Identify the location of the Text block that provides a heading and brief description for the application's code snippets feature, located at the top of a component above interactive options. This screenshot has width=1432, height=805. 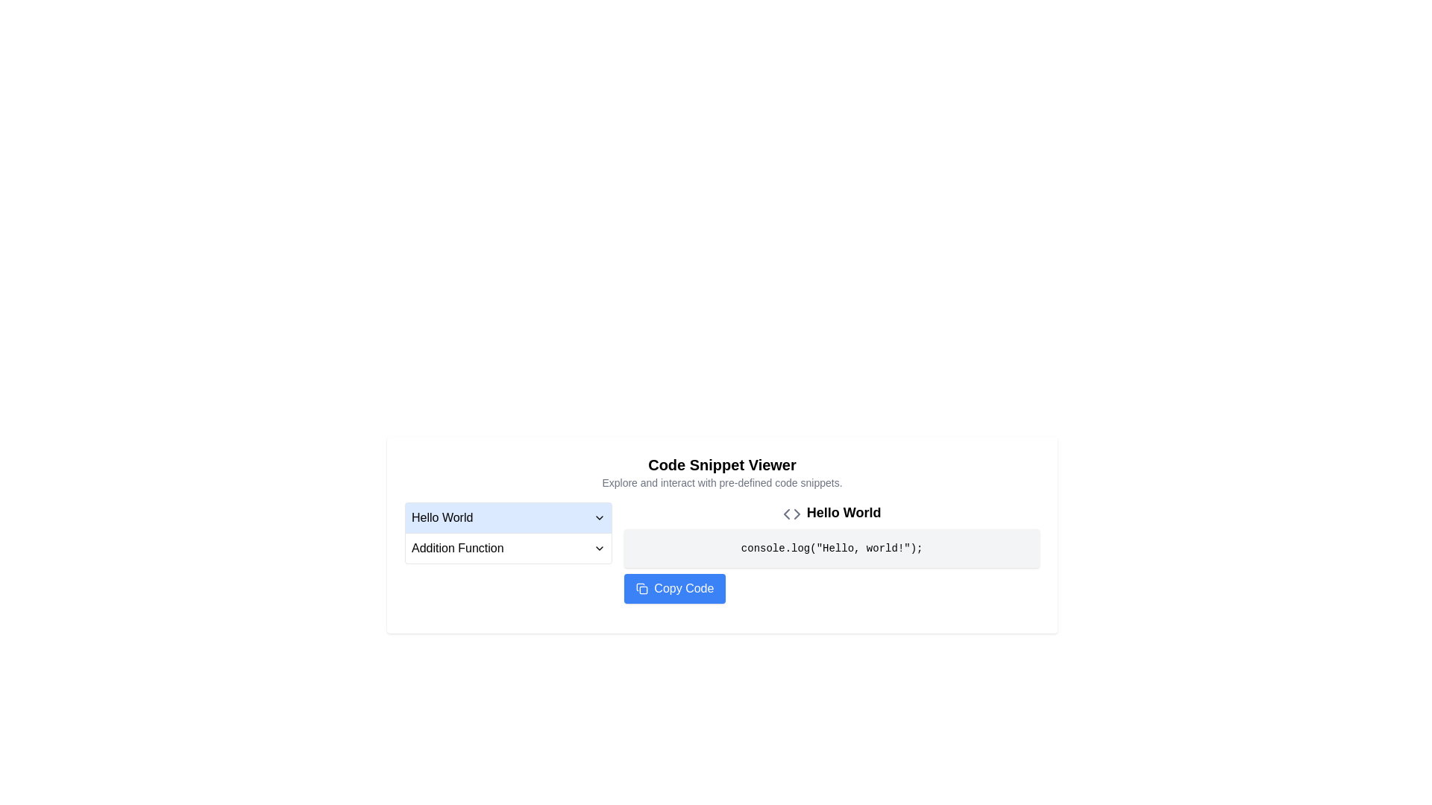
(722, 472).